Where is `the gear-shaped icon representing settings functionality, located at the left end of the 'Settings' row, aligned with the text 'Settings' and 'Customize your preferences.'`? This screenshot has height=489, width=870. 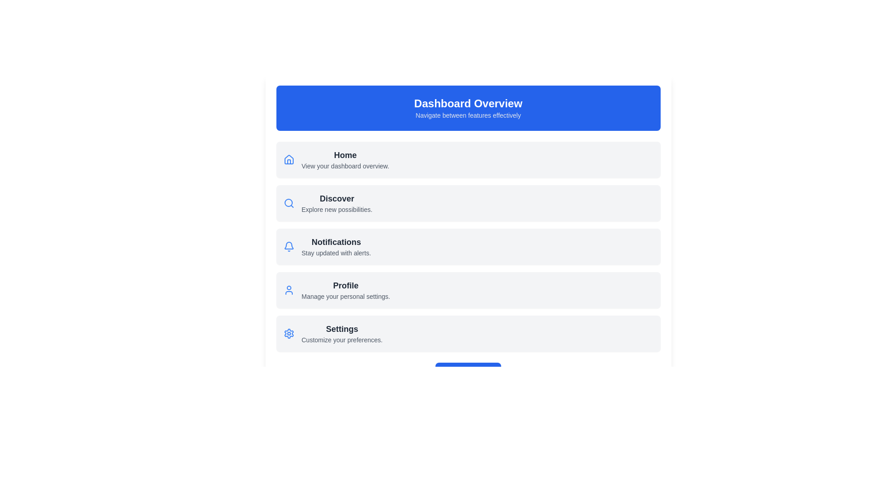 the gear-shaped icon representing settings functionality, located at the left end of the 'Settings' row, aligned with the text 'Settings' and 'Customize your preferences.' is located at coordinates (288, 333).